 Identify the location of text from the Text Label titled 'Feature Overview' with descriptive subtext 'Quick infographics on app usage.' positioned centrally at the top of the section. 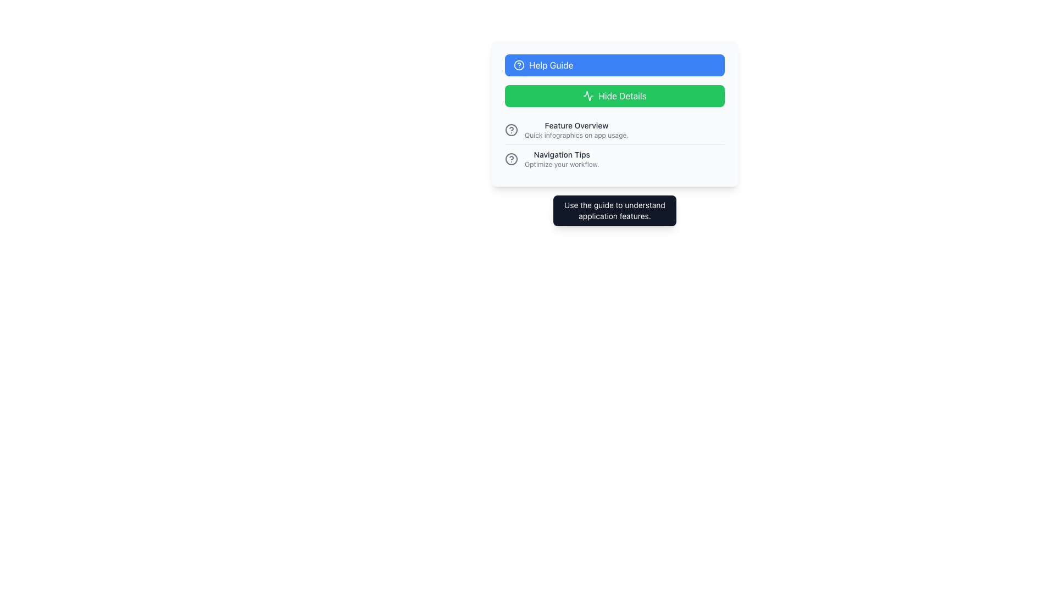
(576, 125).